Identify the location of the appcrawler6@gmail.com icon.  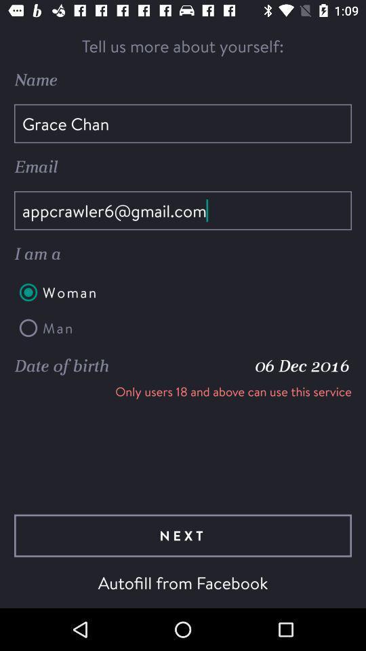
(183, 210).